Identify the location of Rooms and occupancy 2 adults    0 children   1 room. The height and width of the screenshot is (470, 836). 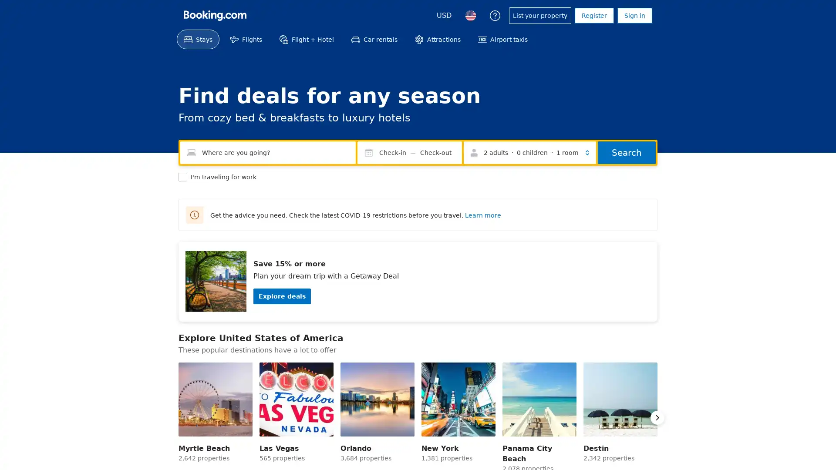
(529, 152).